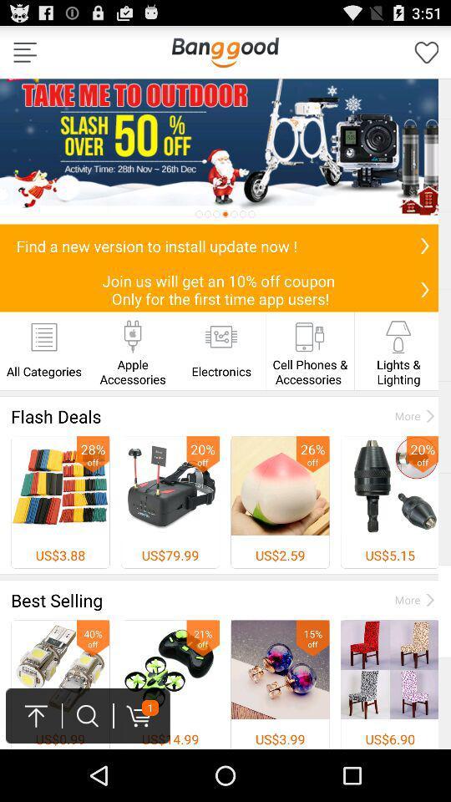 The width and height of the screenshot is (451, 802). What do you see at coordinates (424, 245) in the screenshot?
I see `install update now` at bounding box center [424, 245].